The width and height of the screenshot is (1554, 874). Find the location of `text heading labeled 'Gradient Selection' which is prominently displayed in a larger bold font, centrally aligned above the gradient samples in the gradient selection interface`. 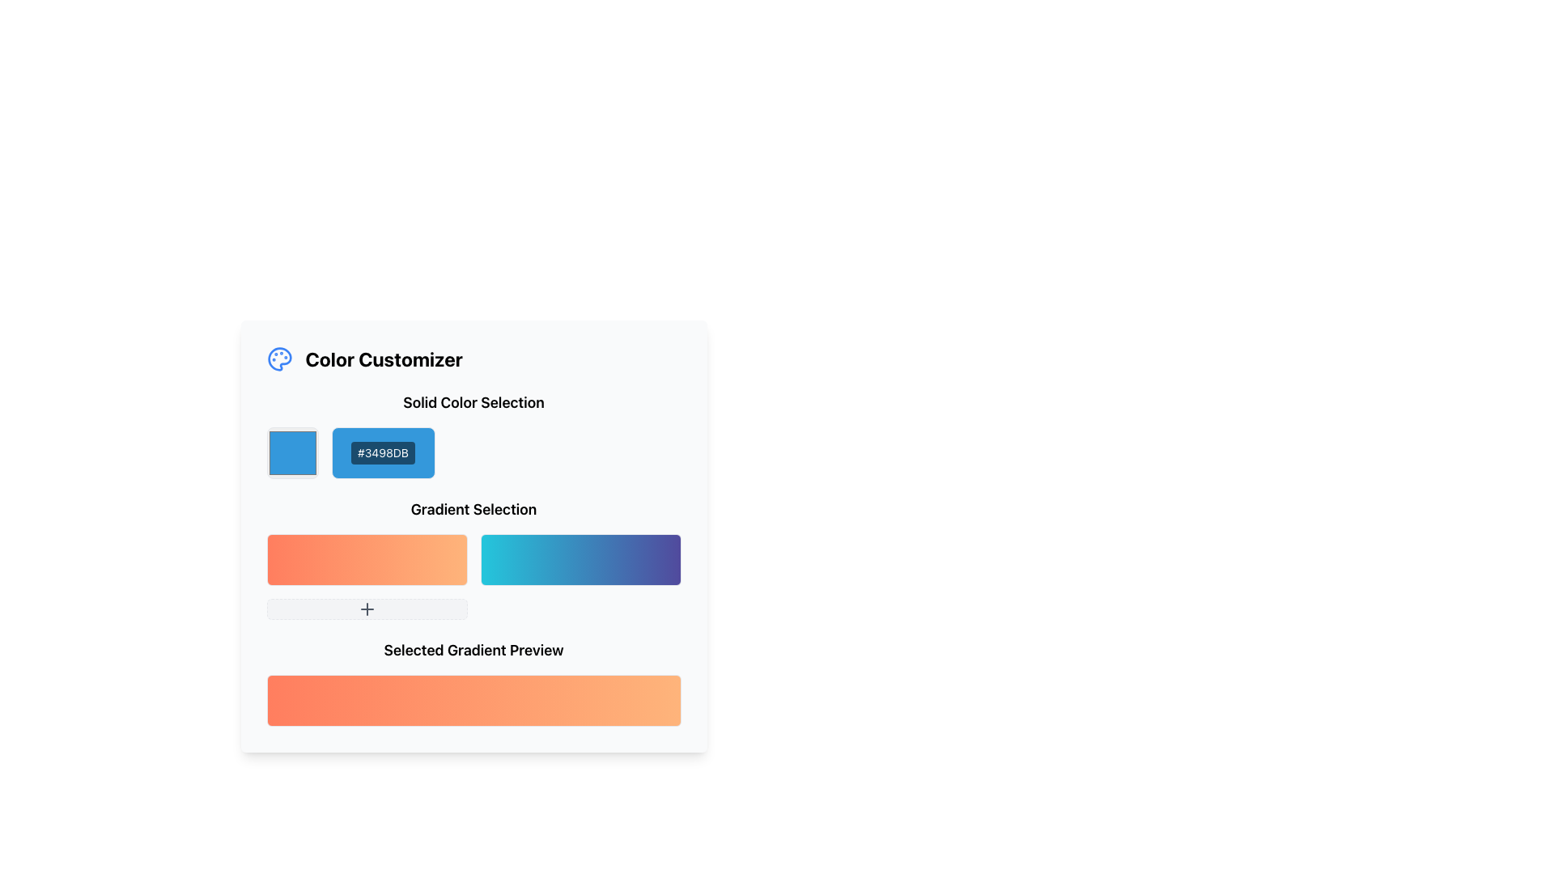

text heading labeled 'Gradient Selection' which is prominently displayed in a larger bold font, centrally aligned above the gradient samples in the gradient selection interface is located at coordinates (473, 508).